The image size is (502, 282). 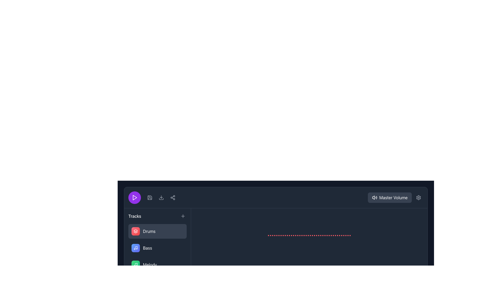 What do you see at coordinates (173, 197) in the screenshot?
I see `the 'Share' button located at the top-right corner of the interface, which is the third button from the left in a row of interactive elements` at bounding box center [173, 197].